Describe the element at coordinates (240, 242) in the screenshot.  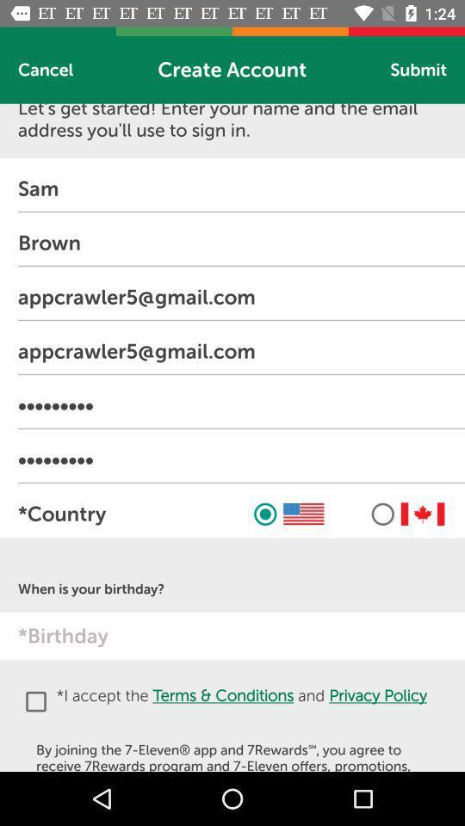
I see `the text brown` at that location.